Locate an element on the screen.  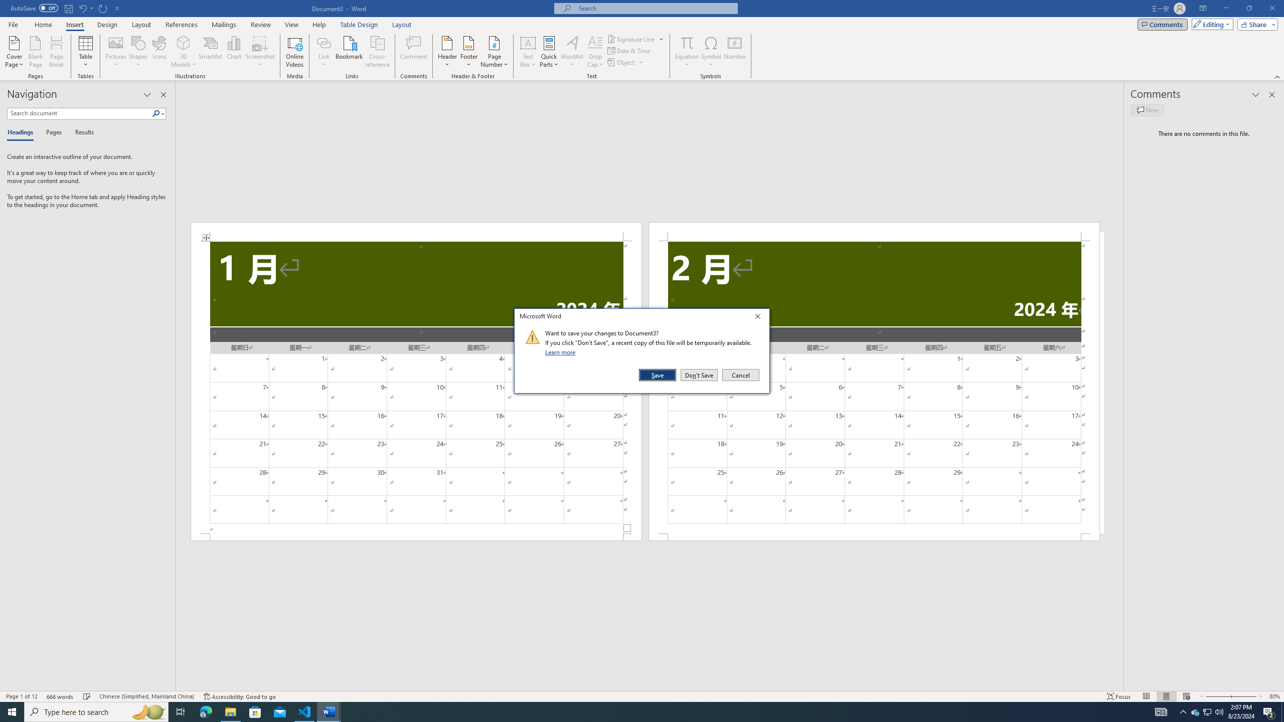
'Header' is located at coordinates (447, 52).